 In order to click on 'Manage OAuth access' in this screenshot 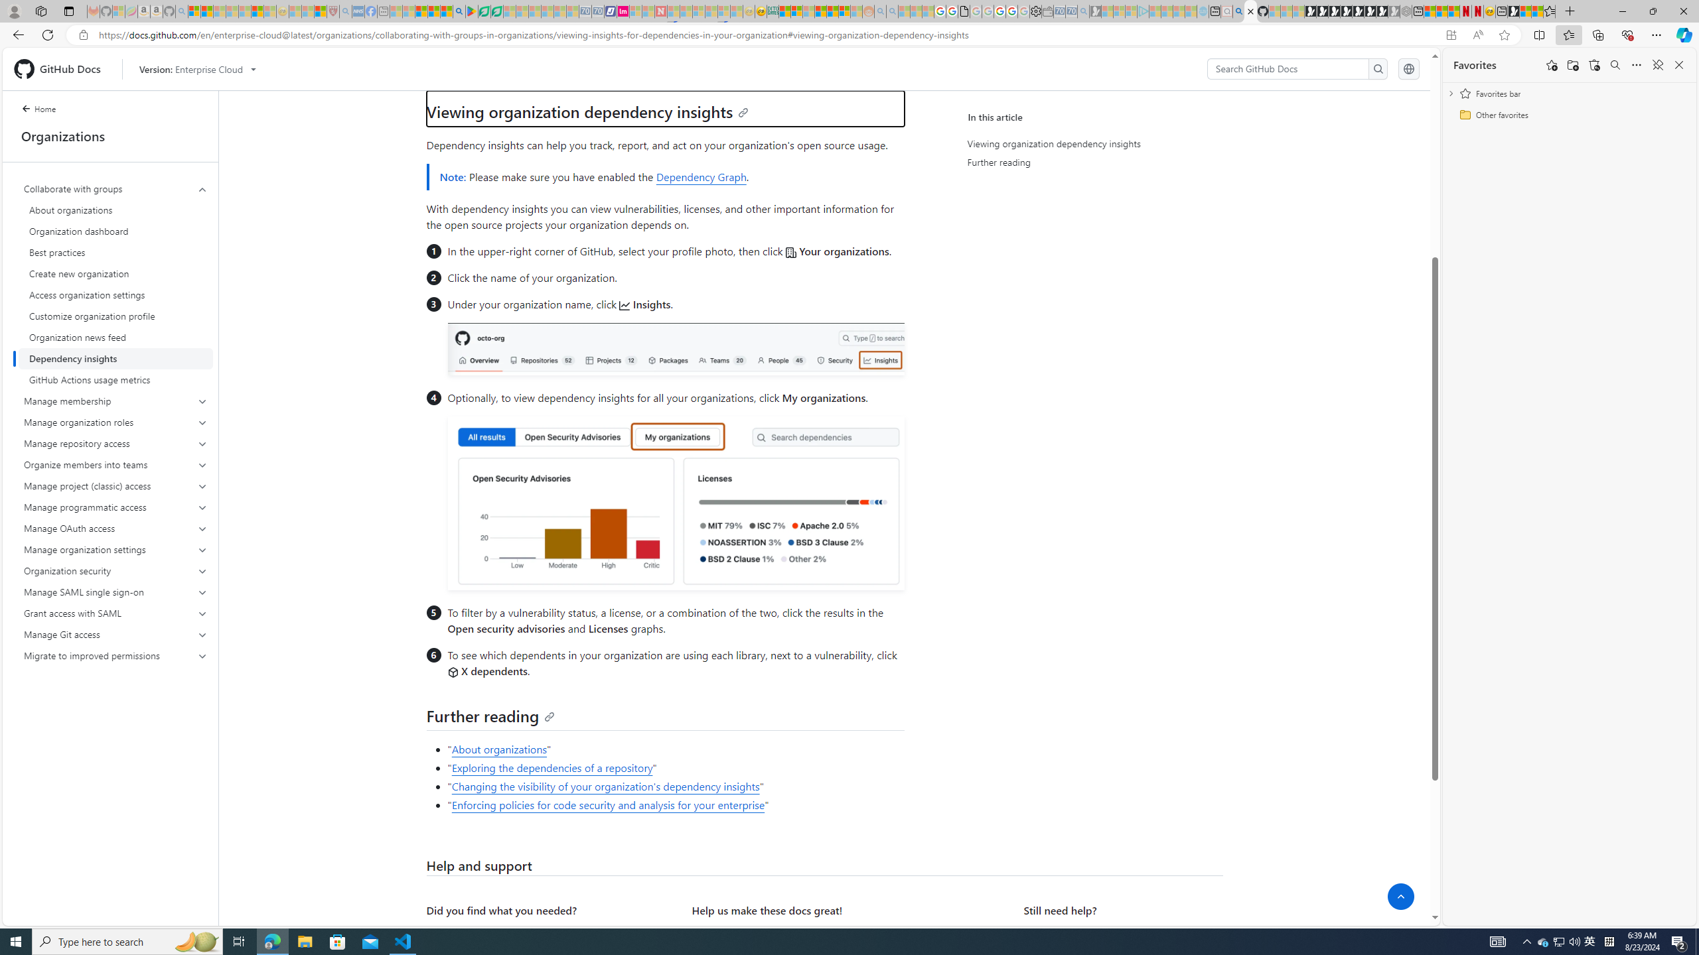, I will do `click(115, 528)`.